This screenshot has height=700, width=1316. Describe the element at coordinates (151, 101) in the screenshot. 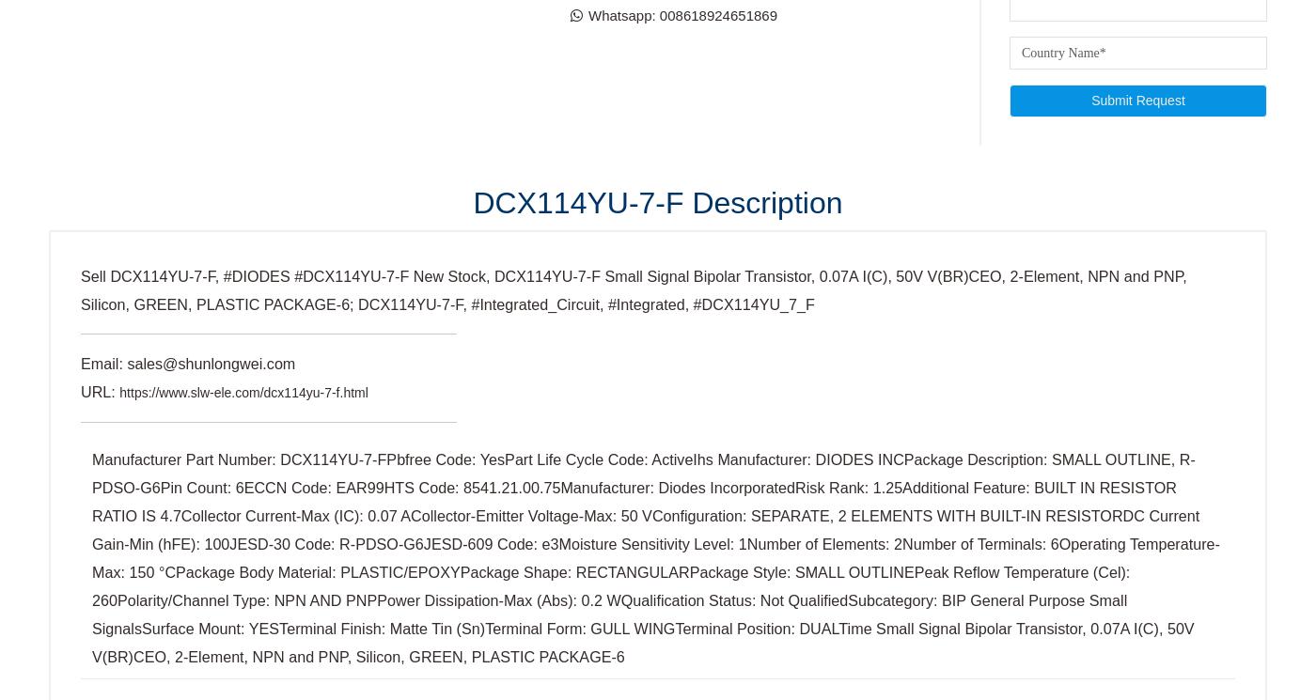

I see `'sales@shunlongwei.com'` at that location.